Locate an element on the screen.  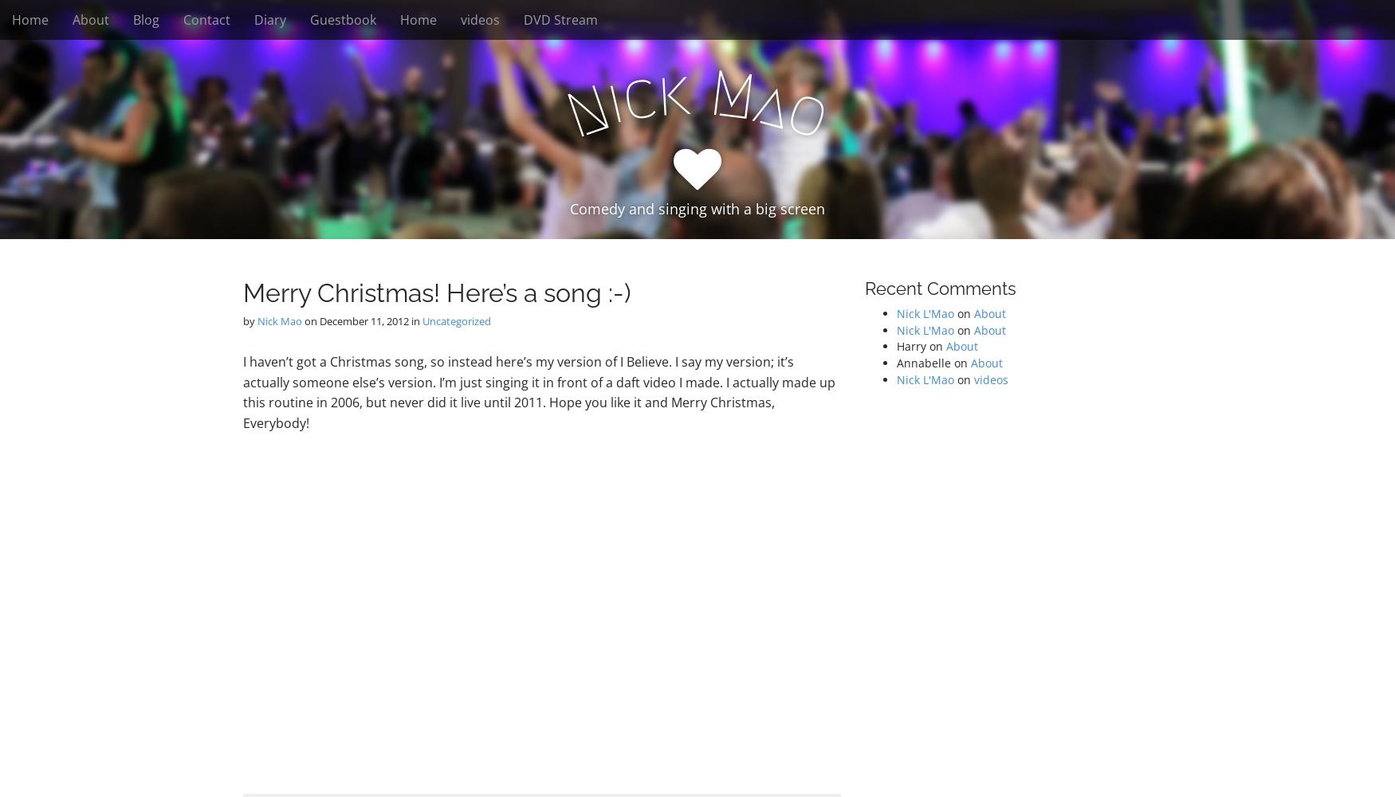
'k' is located at coordinates (654, 92).